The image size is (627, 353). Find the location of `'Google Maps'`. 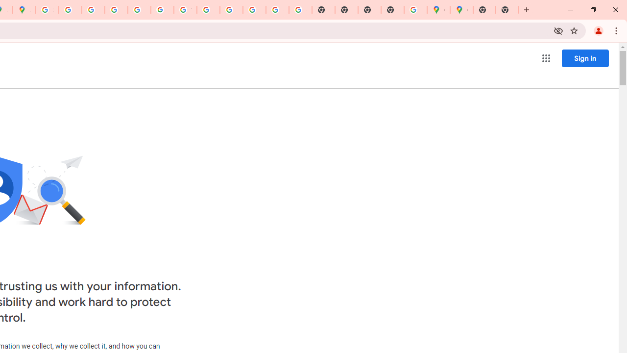

'Google Maps' is located at coordinates (461, 10).